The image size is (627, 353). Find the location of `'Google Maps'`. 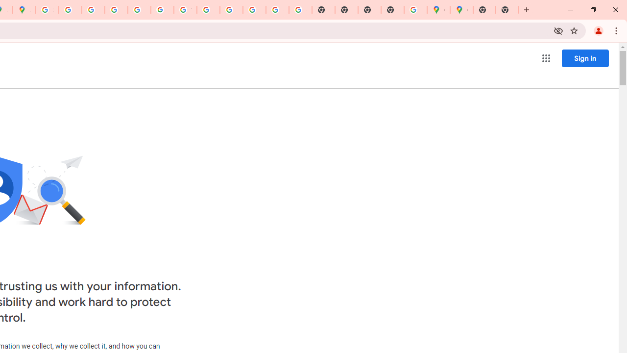

'Google Maps' is located at coordinates (461, 10).